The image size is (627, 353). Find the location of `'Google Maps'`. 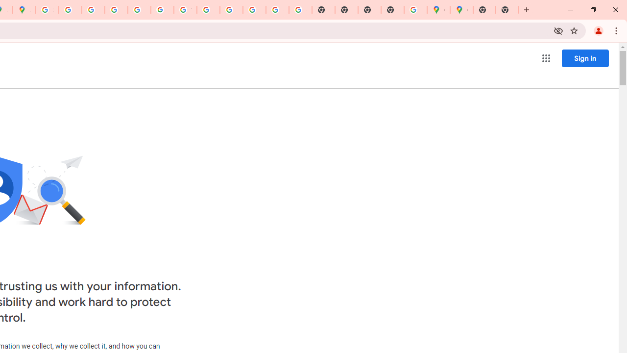

'Google Maps' is located at coordinates (461, 10).